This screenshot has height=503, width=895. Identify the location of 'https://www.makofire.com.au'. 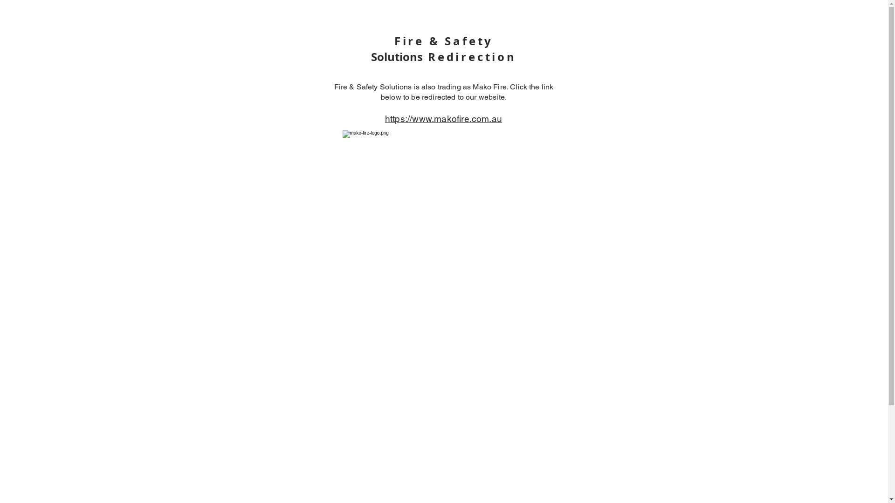
(443, 118).